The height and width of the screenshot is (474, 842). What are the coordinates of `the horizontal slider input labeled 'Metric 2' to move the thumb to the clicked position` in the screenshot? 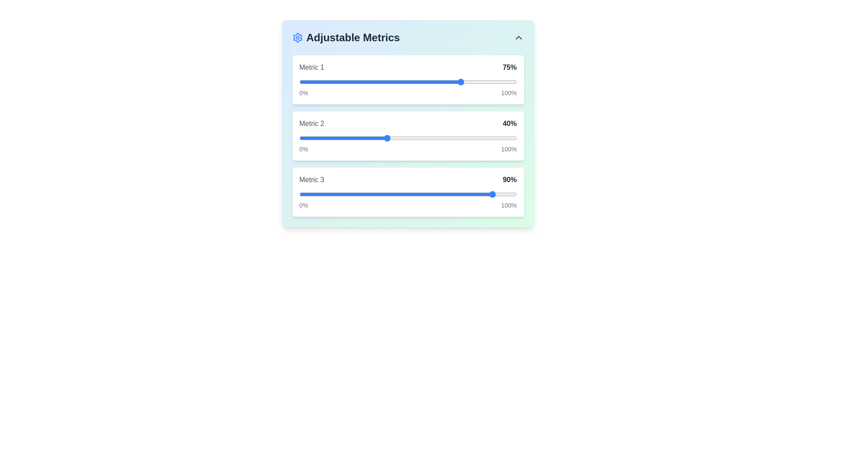 It's located at (407, 136).